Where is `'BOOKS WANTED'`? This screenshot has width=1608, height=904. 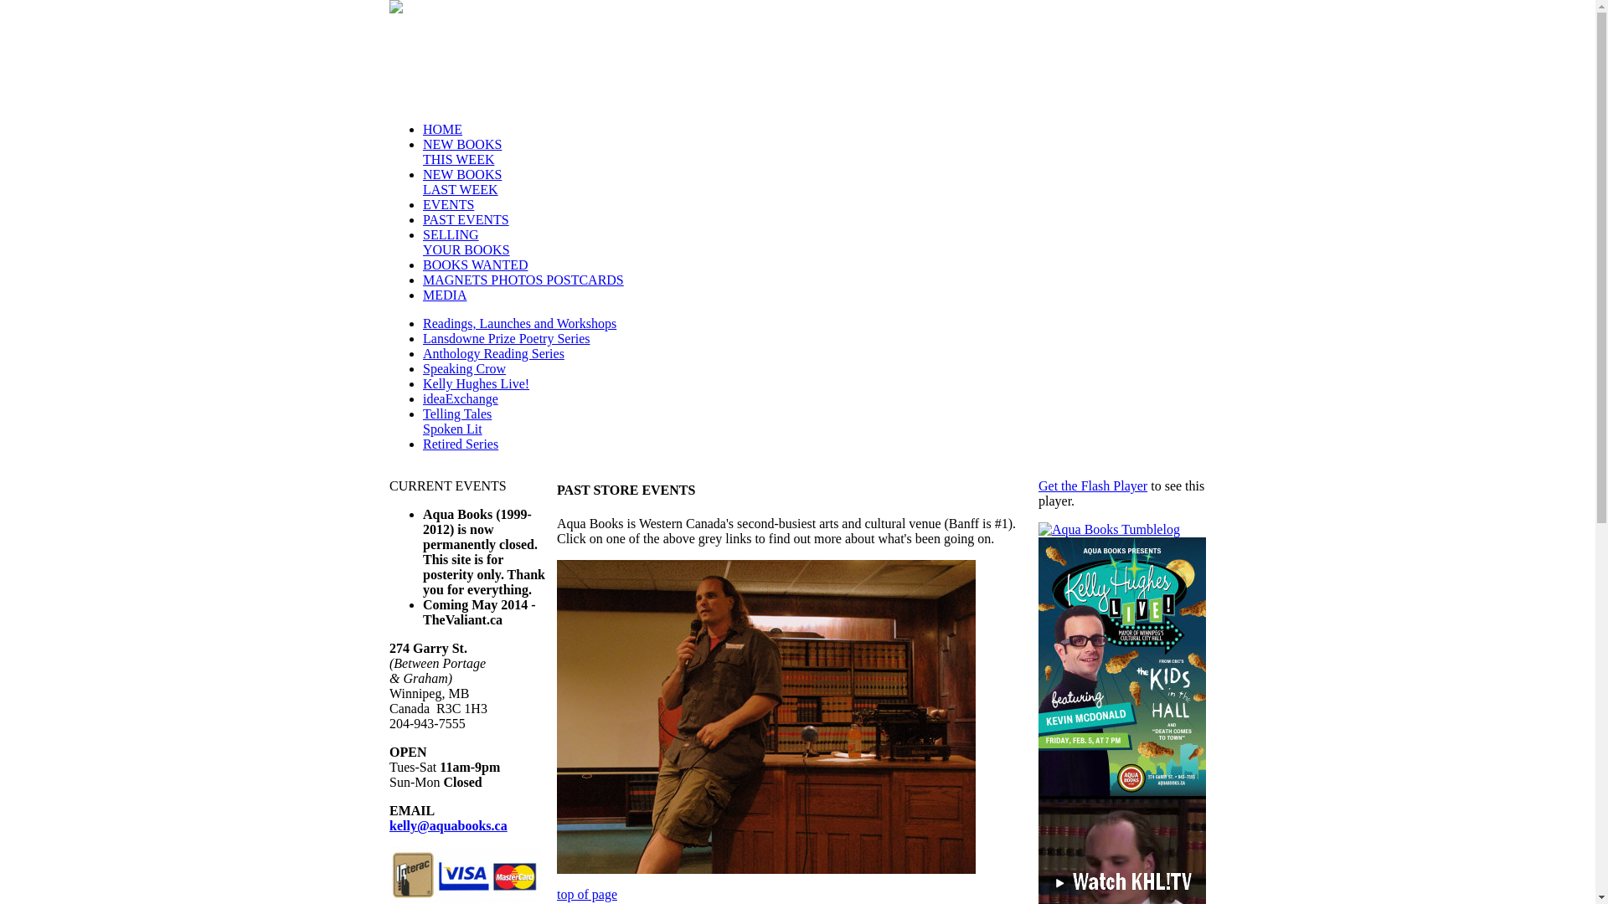
'BOOKS WANTED' is located at coordinates (474, 264).